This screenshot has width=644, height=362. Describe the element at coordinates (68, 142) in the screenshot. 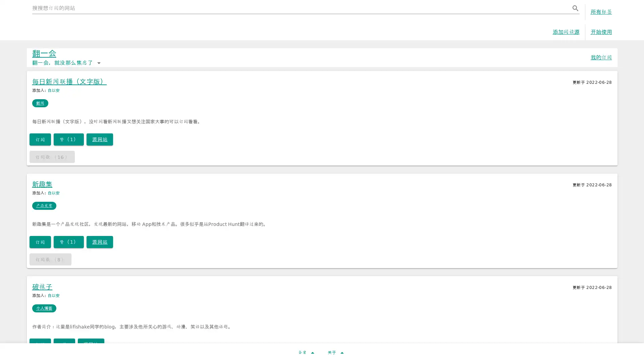

I see `(1)` at that location.